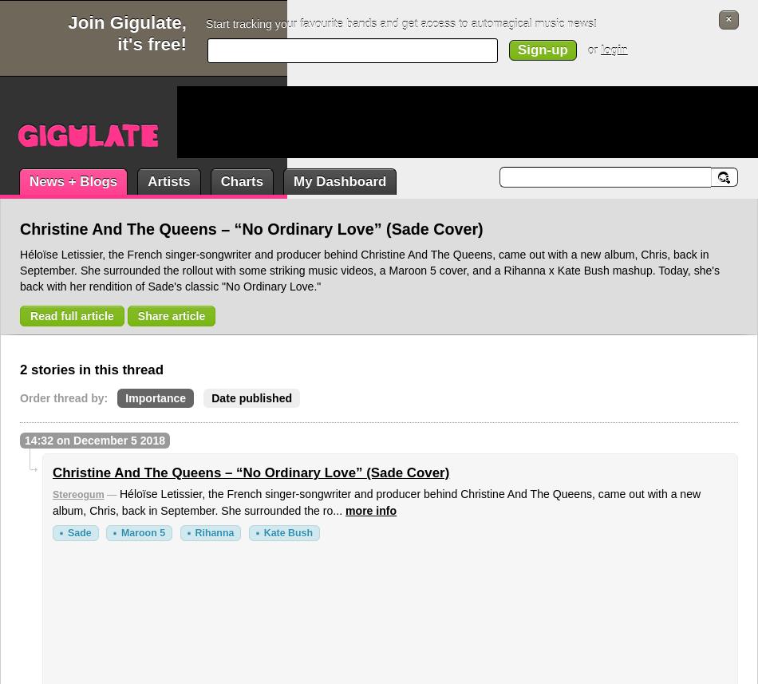 The height and width of the screenshot is (684, 758). I want to click on 'News + Blogs', so click(73, 180).